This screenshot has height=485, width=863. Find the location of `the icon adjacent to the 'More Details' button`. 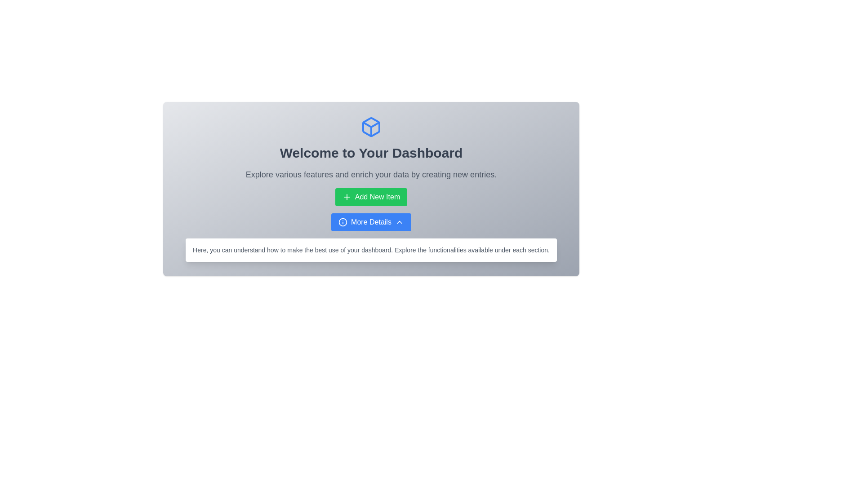

the icon adjacent to the 'More Details' button is located at coordinates (399, 222).